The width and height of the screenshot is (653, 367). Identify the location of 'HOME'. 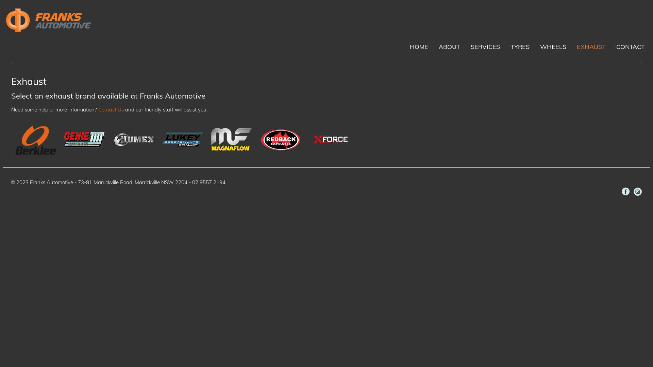
(419, 46).